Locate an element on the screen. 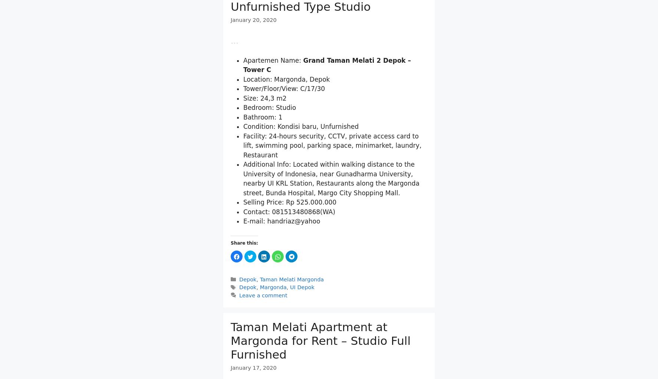  'Grand Taman Melati 2 Depok – Tower C' is located at coordinates (327, 104).